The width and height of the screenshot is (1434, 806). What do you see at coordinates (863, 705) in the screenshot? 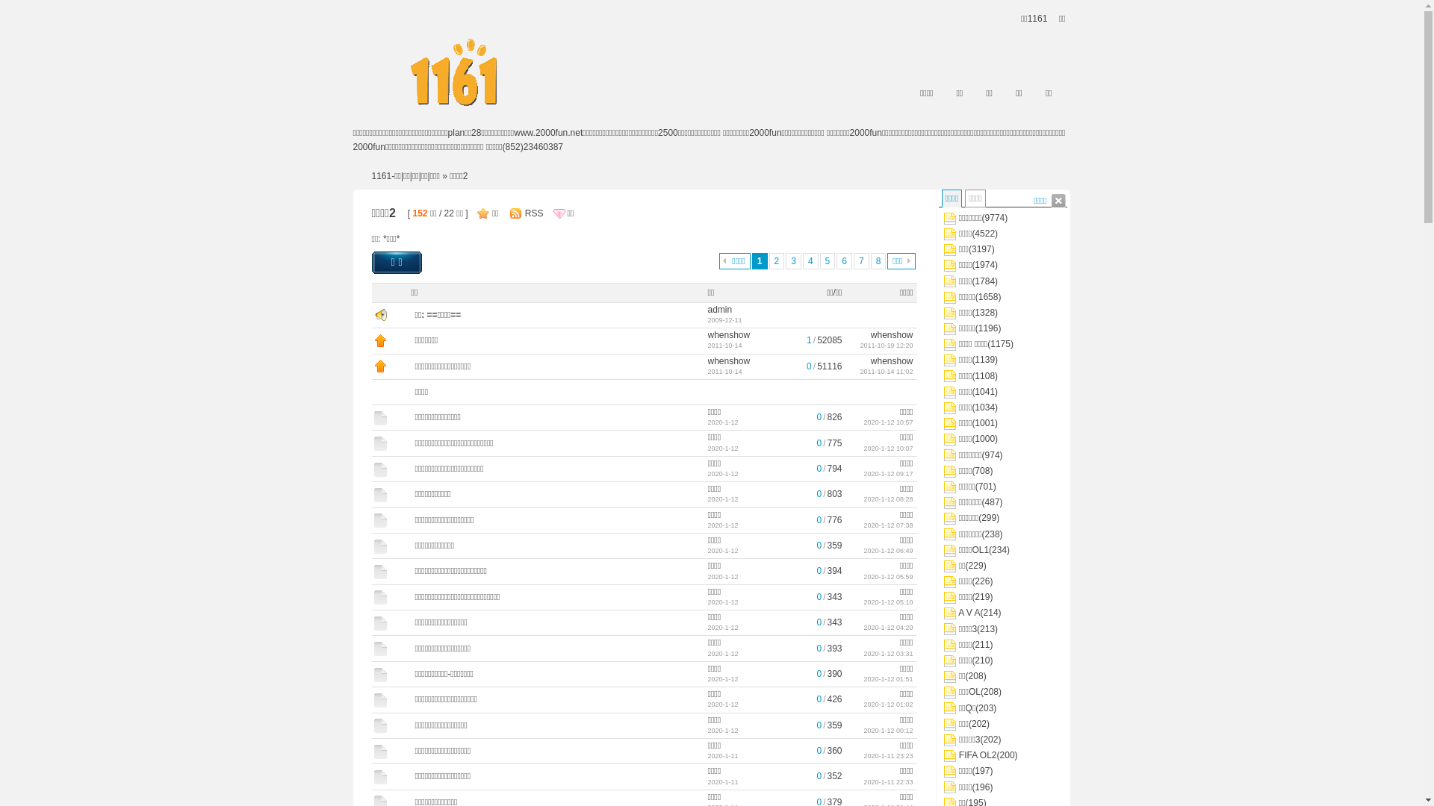
I see `'2020-1-12 01:02'` at bounding box center [863, 705].